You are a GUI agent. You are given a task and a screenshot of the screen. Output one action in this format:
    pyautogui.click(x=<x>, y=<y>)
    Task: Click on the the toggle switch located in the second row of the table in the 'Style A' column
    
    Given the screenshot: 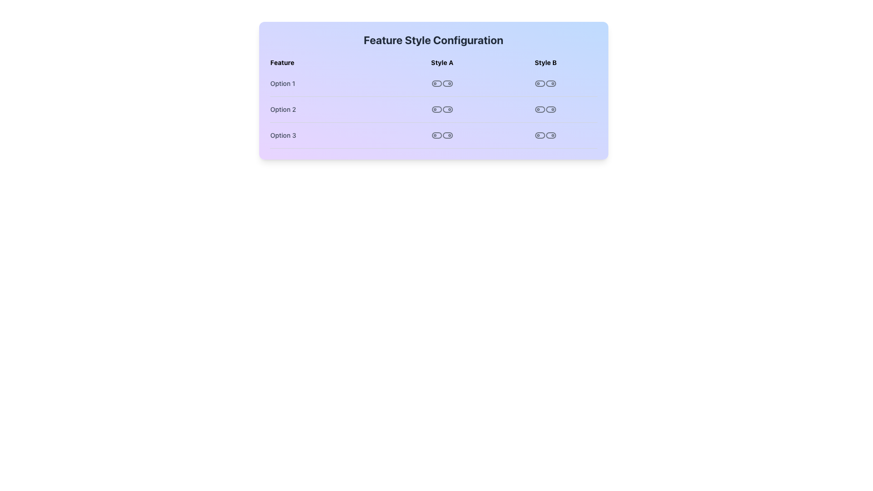 What is the action you would take?
    pyautogui.click(x=436, y=109)
    